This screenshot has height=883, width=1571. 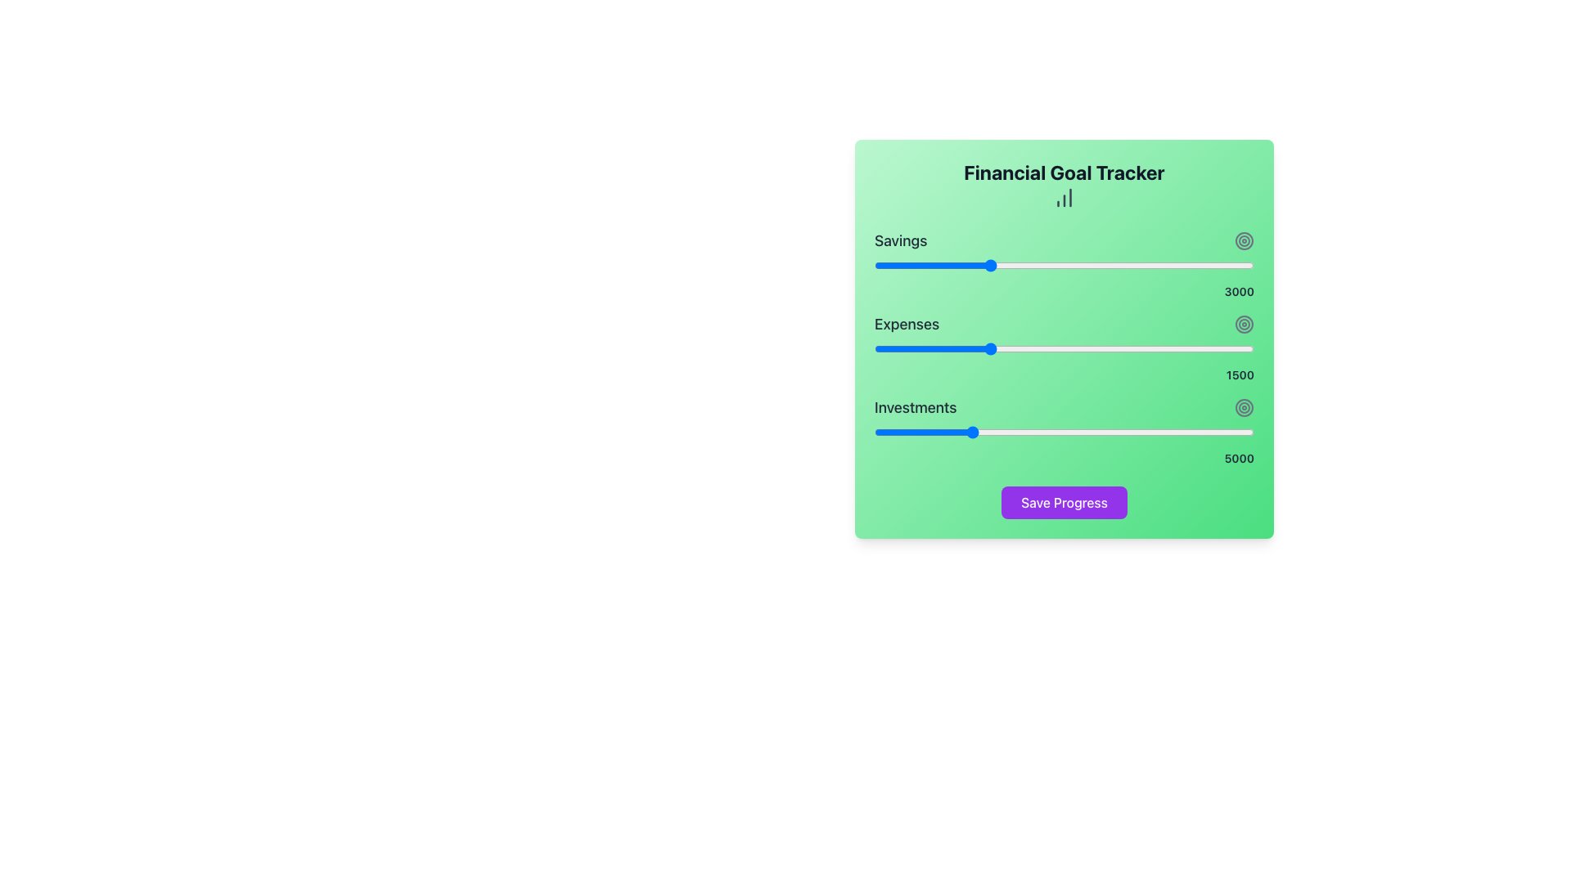 I want to click on the investment goal, so click(x=978, y=431).